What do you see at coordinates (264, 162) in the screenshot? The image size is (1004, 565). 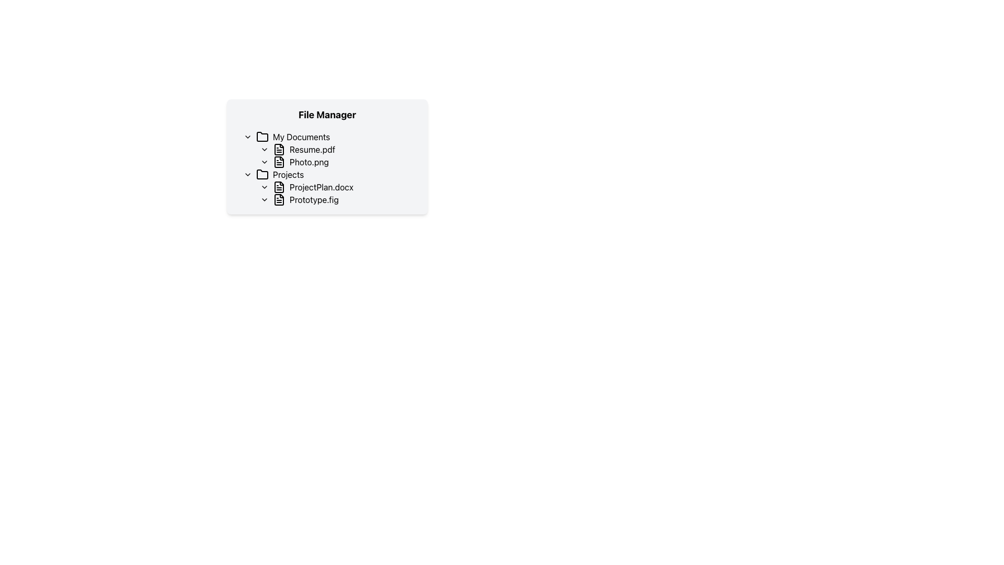 I see `the chevron icon pointing downward, which indicates an expanded state, located to the left of the 'Photo.png' label in the file listing interface` at bounding box center [264, 162].